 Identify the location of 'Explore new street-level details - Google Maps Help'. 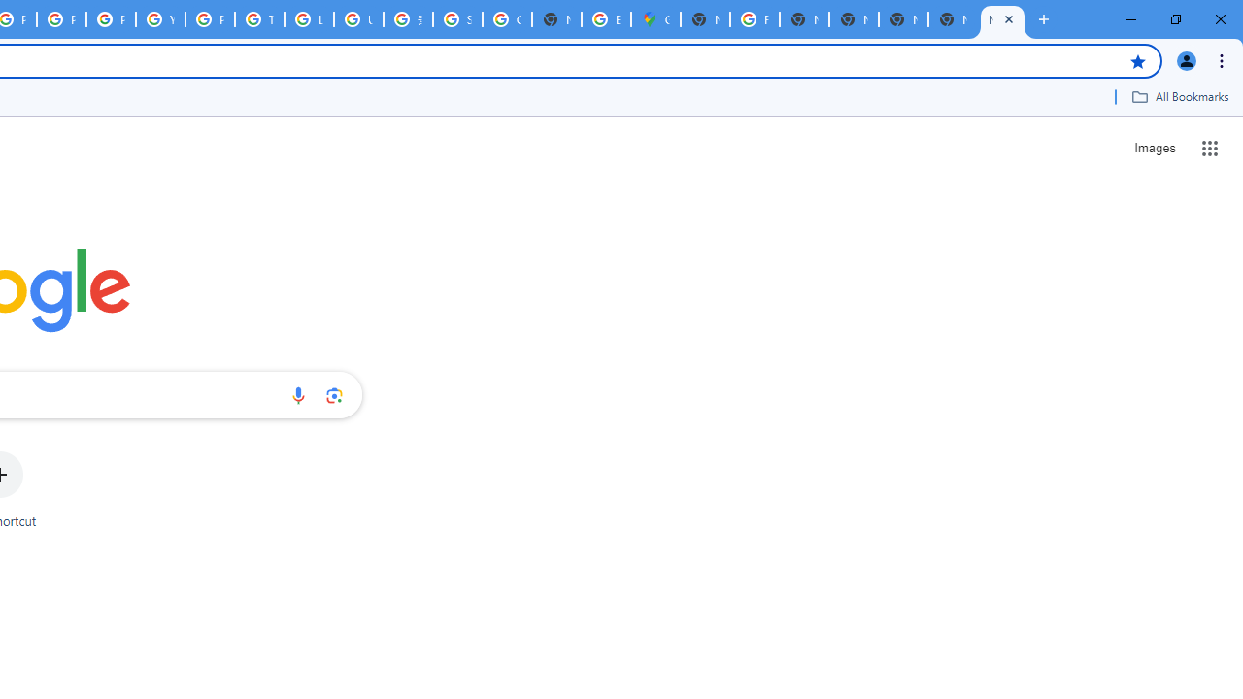
(605, 19).